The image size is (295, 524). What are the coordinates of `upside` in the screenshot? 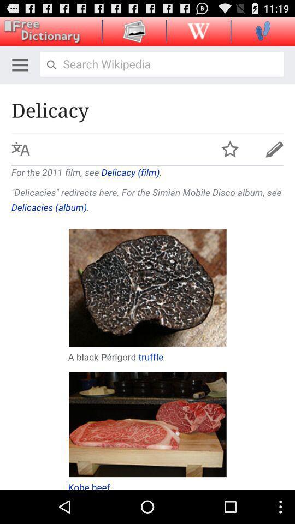 It's located at (198, 30).